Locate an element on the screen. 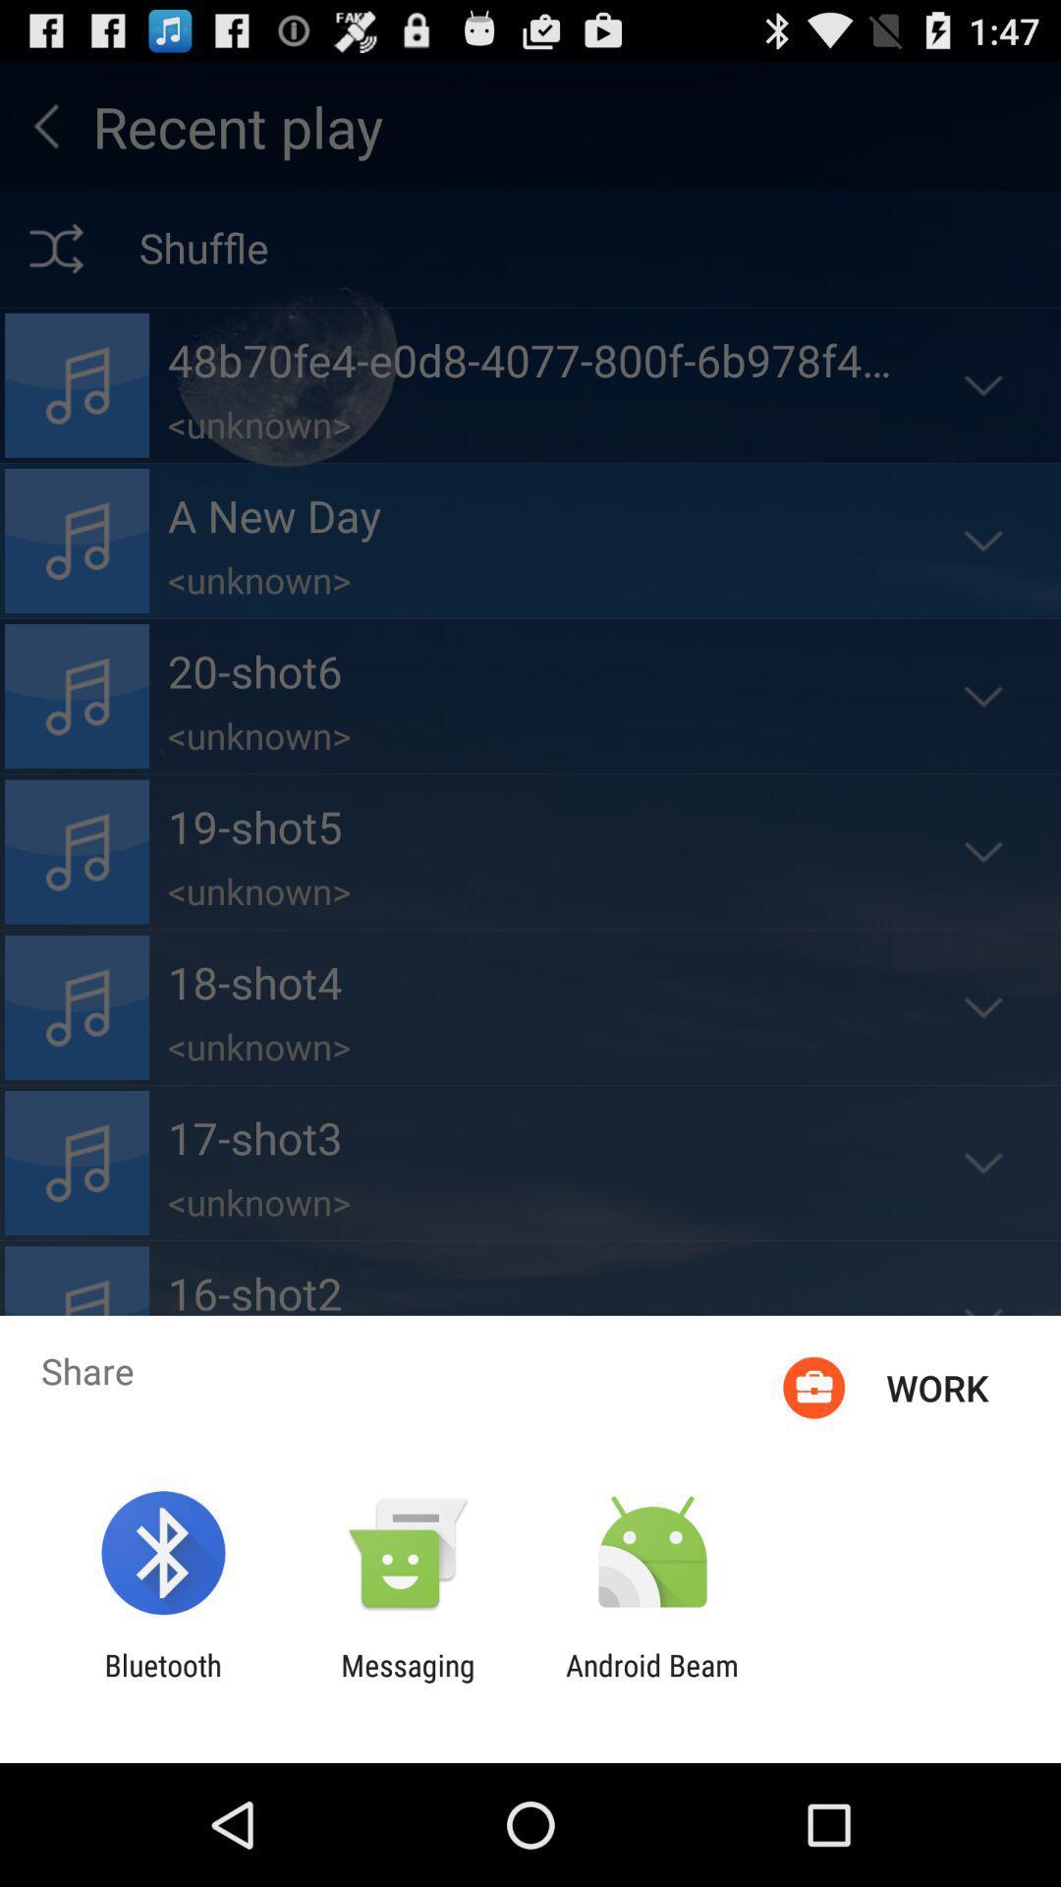 The height and width of the screenshot is (1887, 1061). the bluetooth app is located at coordinates (162, 1682).